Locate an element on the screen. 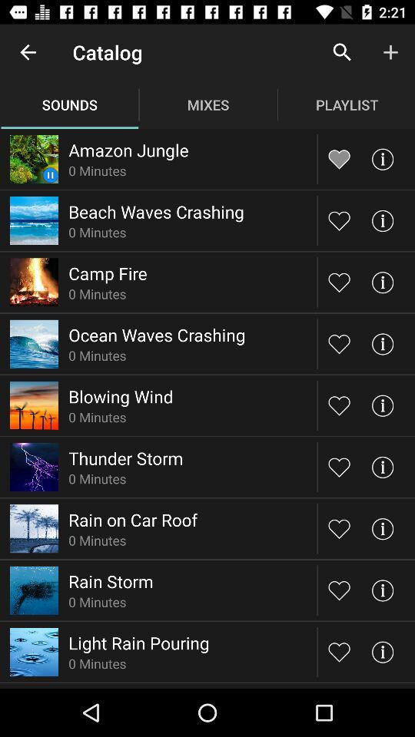 This screenshot has height=737, width=415. information about track is located at coordinates (381, 466).